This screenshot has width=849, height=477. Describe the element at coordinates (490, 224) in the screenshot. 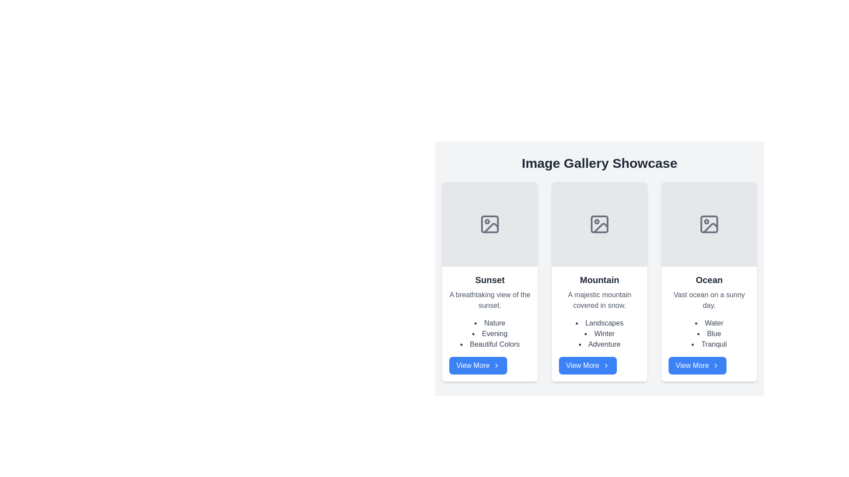

I see `the icon representing an image associated with the 'Sunset' card, which is located in the first card of a horizontal row of three cards` at that location.